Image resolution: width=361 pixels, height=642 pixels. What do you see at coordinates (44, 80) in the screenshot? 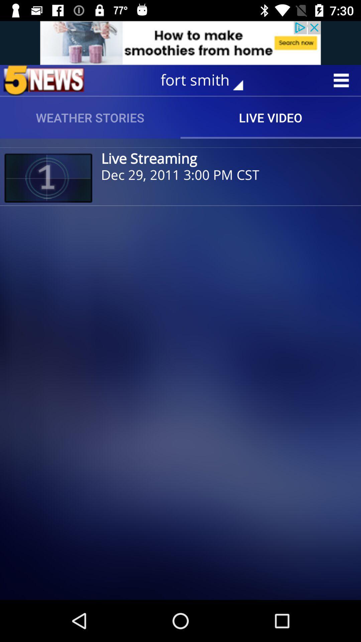
I see `homepage` at bounding box center [44, 80].